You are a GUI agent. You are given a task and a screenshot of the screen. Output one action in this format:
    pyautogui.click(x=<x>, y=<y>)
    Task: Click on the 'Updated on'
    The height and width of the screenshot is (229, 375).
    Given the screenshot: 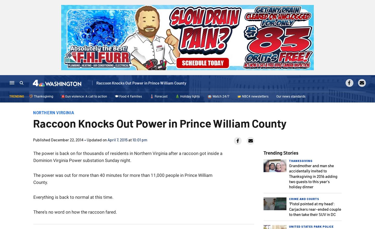 What is the action you would take?
    pyautogui.click(x=97, y=139)
    